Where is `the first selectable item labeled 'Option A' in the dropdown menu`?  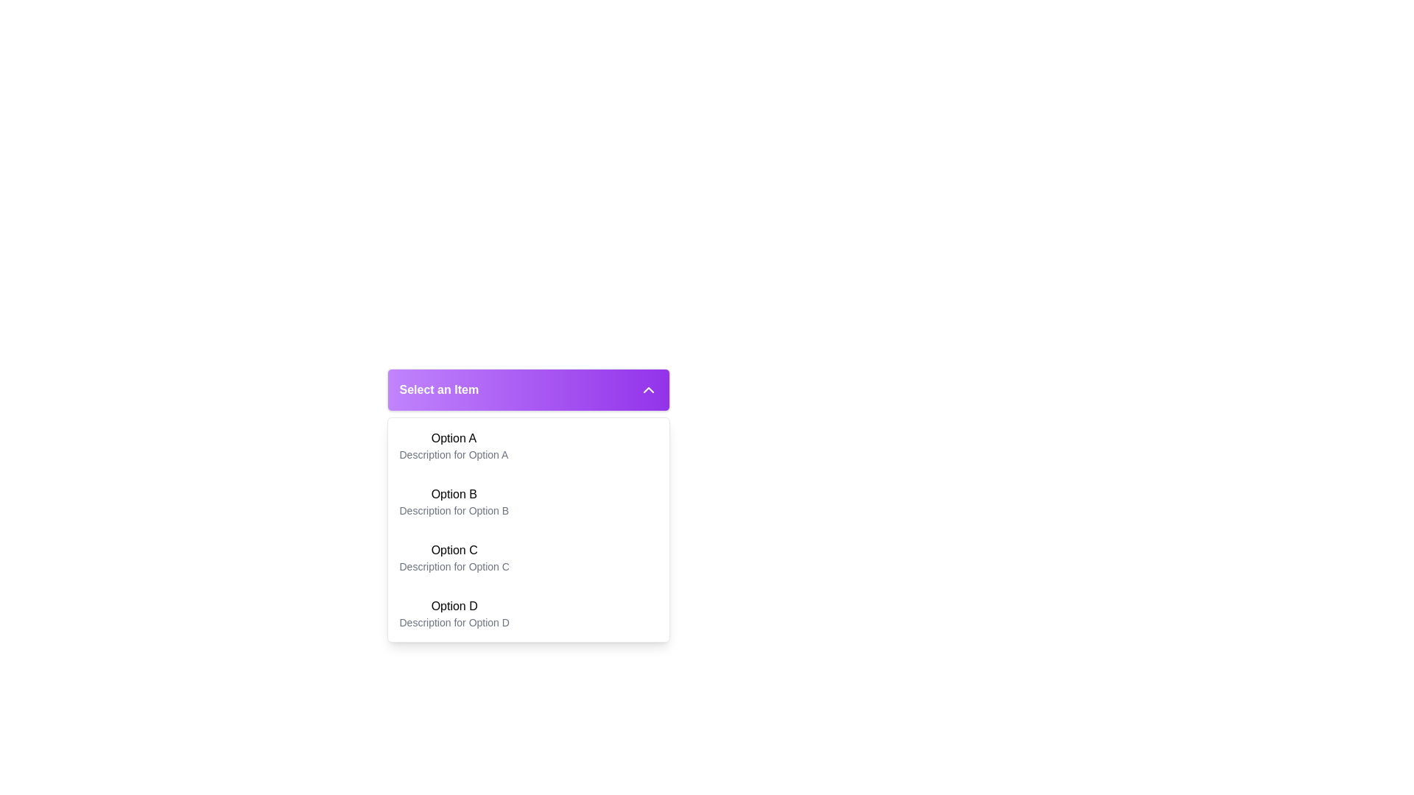
the first selectable item labeled 'Option A' in the dropdown menu is located at coordinates (453, 445).